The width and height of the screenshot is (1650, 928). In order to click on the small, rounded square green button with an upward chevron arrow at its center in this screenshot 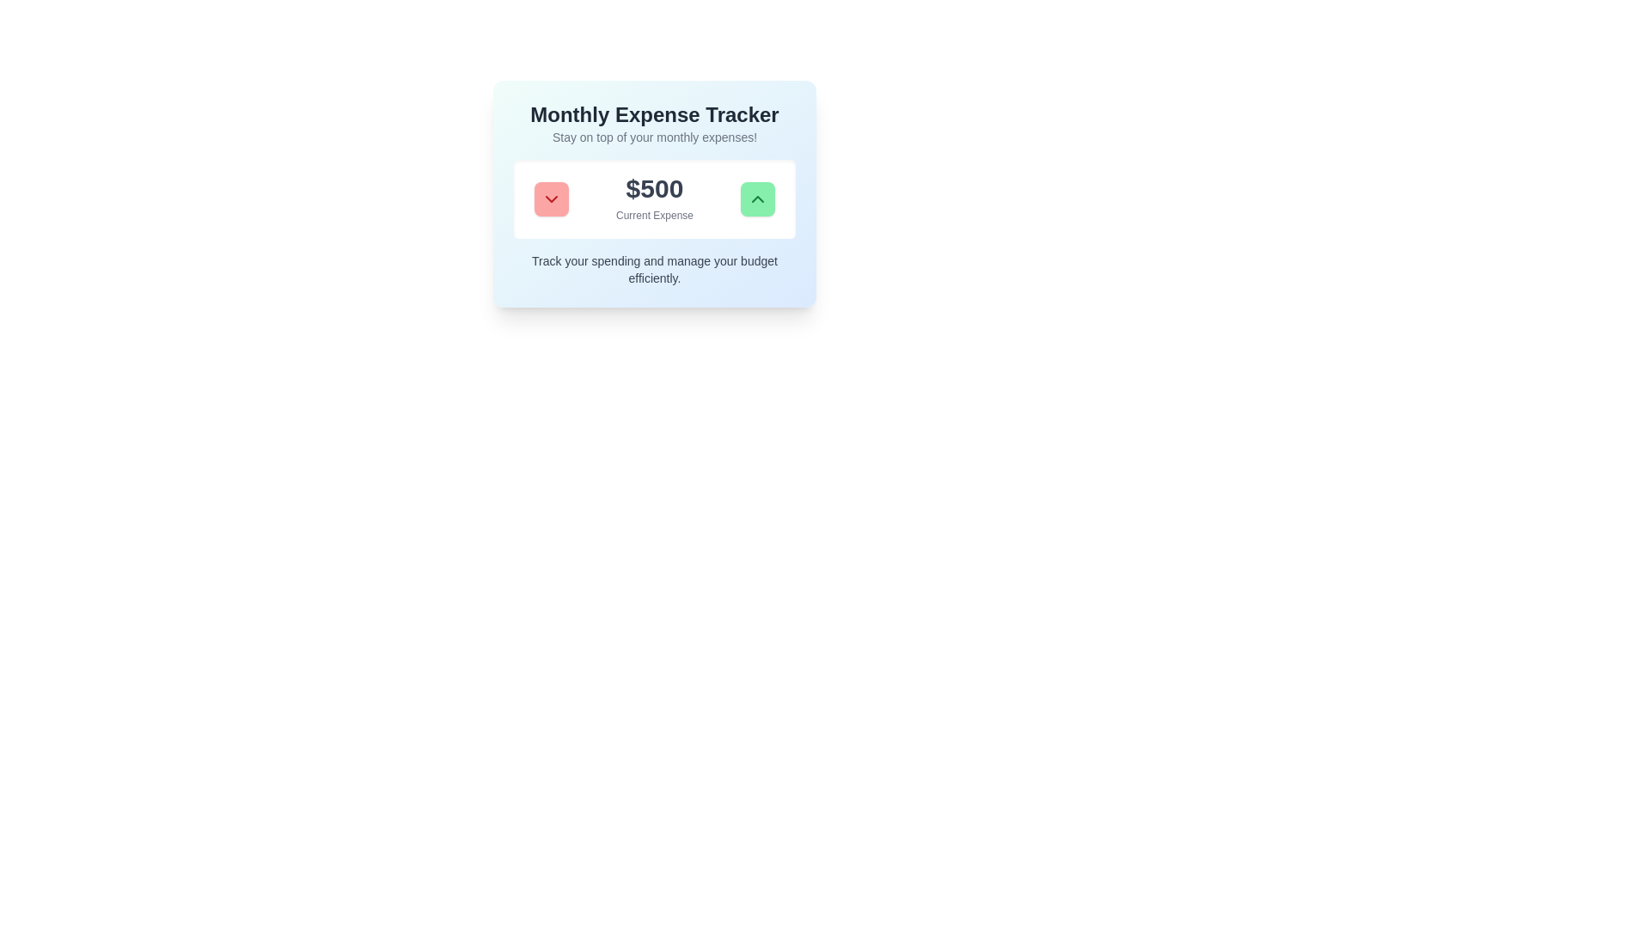, I will do `click(757, 198)`.